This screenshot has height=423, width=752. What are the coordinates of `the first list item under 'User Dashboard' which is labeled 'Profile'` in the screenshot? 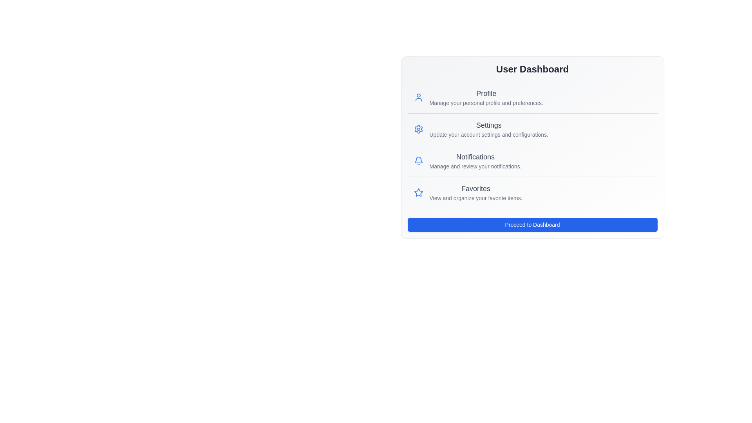 It's located at (532, 97).